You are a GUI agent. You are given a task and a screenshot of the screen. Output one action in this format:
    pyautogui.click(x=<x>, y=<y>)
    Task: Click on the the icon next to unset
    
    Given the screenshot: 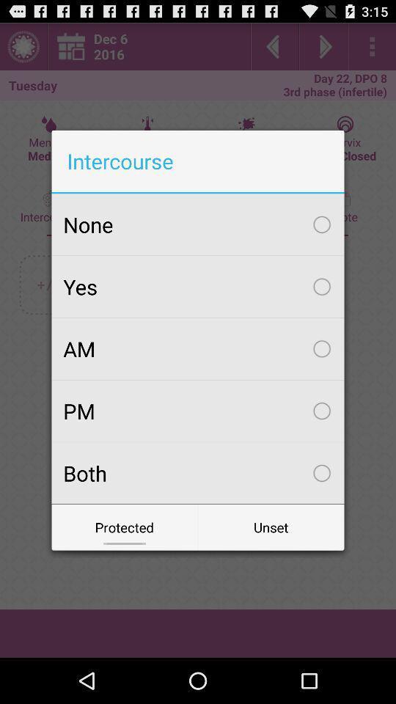 What is the action you would take?
    pyautogui.click(x=125, y=527)
    